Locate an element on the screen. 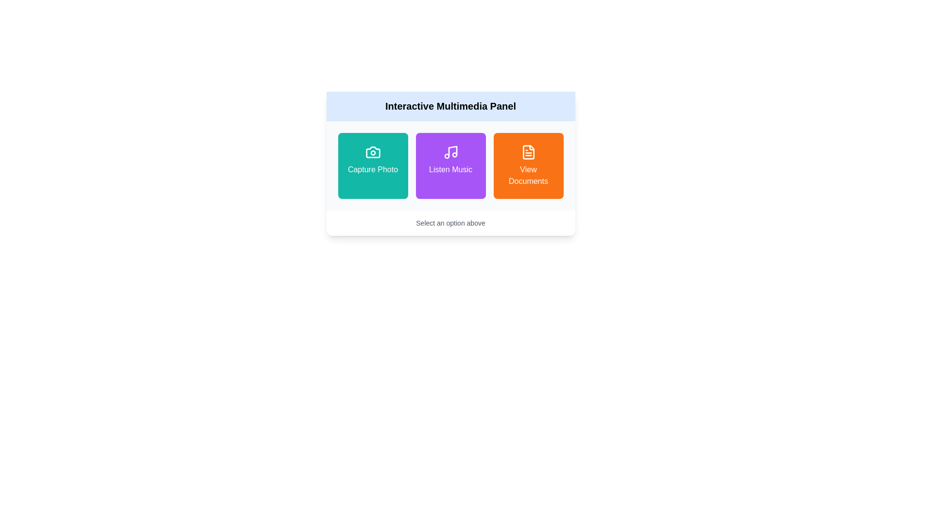  the 'Capture Photo' button with a teal background, white text, and camera icon is located at coordinates (372, 165).